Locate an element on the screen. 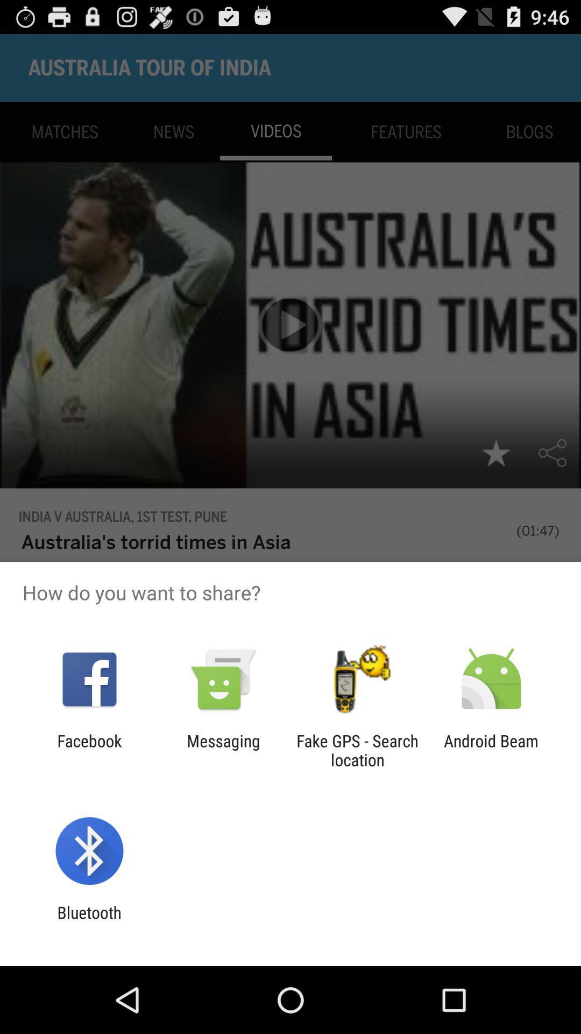  item next to fake gps search icon is located at coordinates (491, 750).